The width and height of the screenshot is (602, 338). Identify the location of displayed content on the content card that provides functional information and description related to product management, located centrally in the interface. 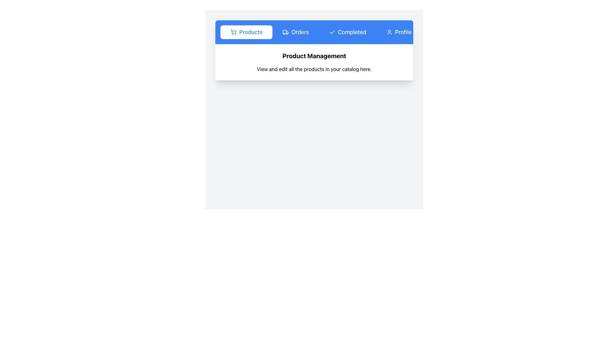
(314, 50).